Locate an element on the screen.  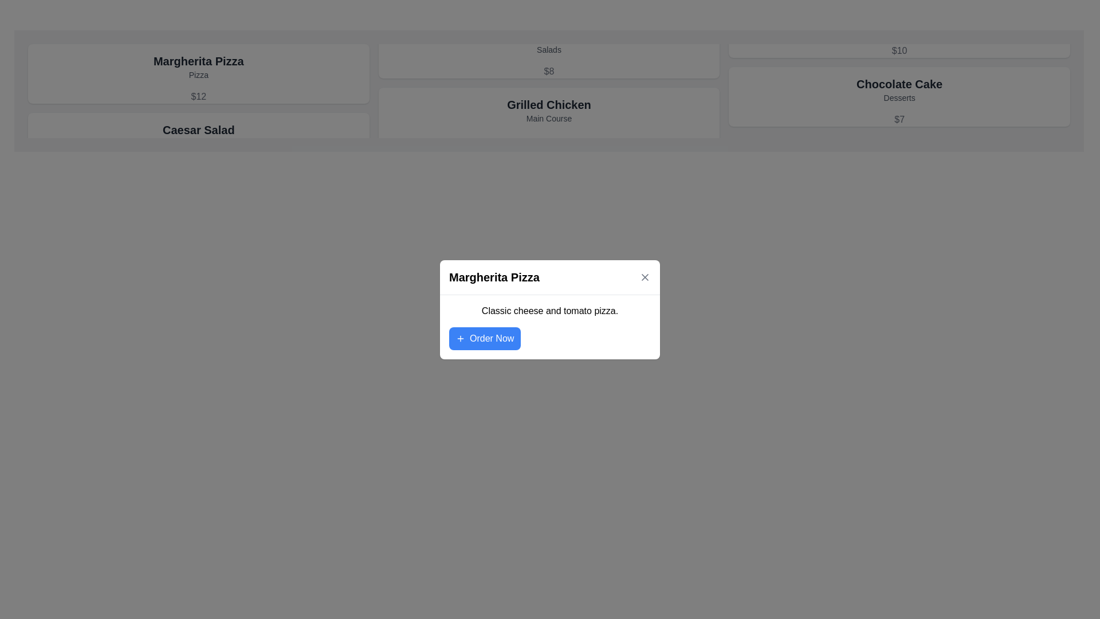
the descriptive text label for the 'Margherita Pizza' is located at coordinates (198, 75).